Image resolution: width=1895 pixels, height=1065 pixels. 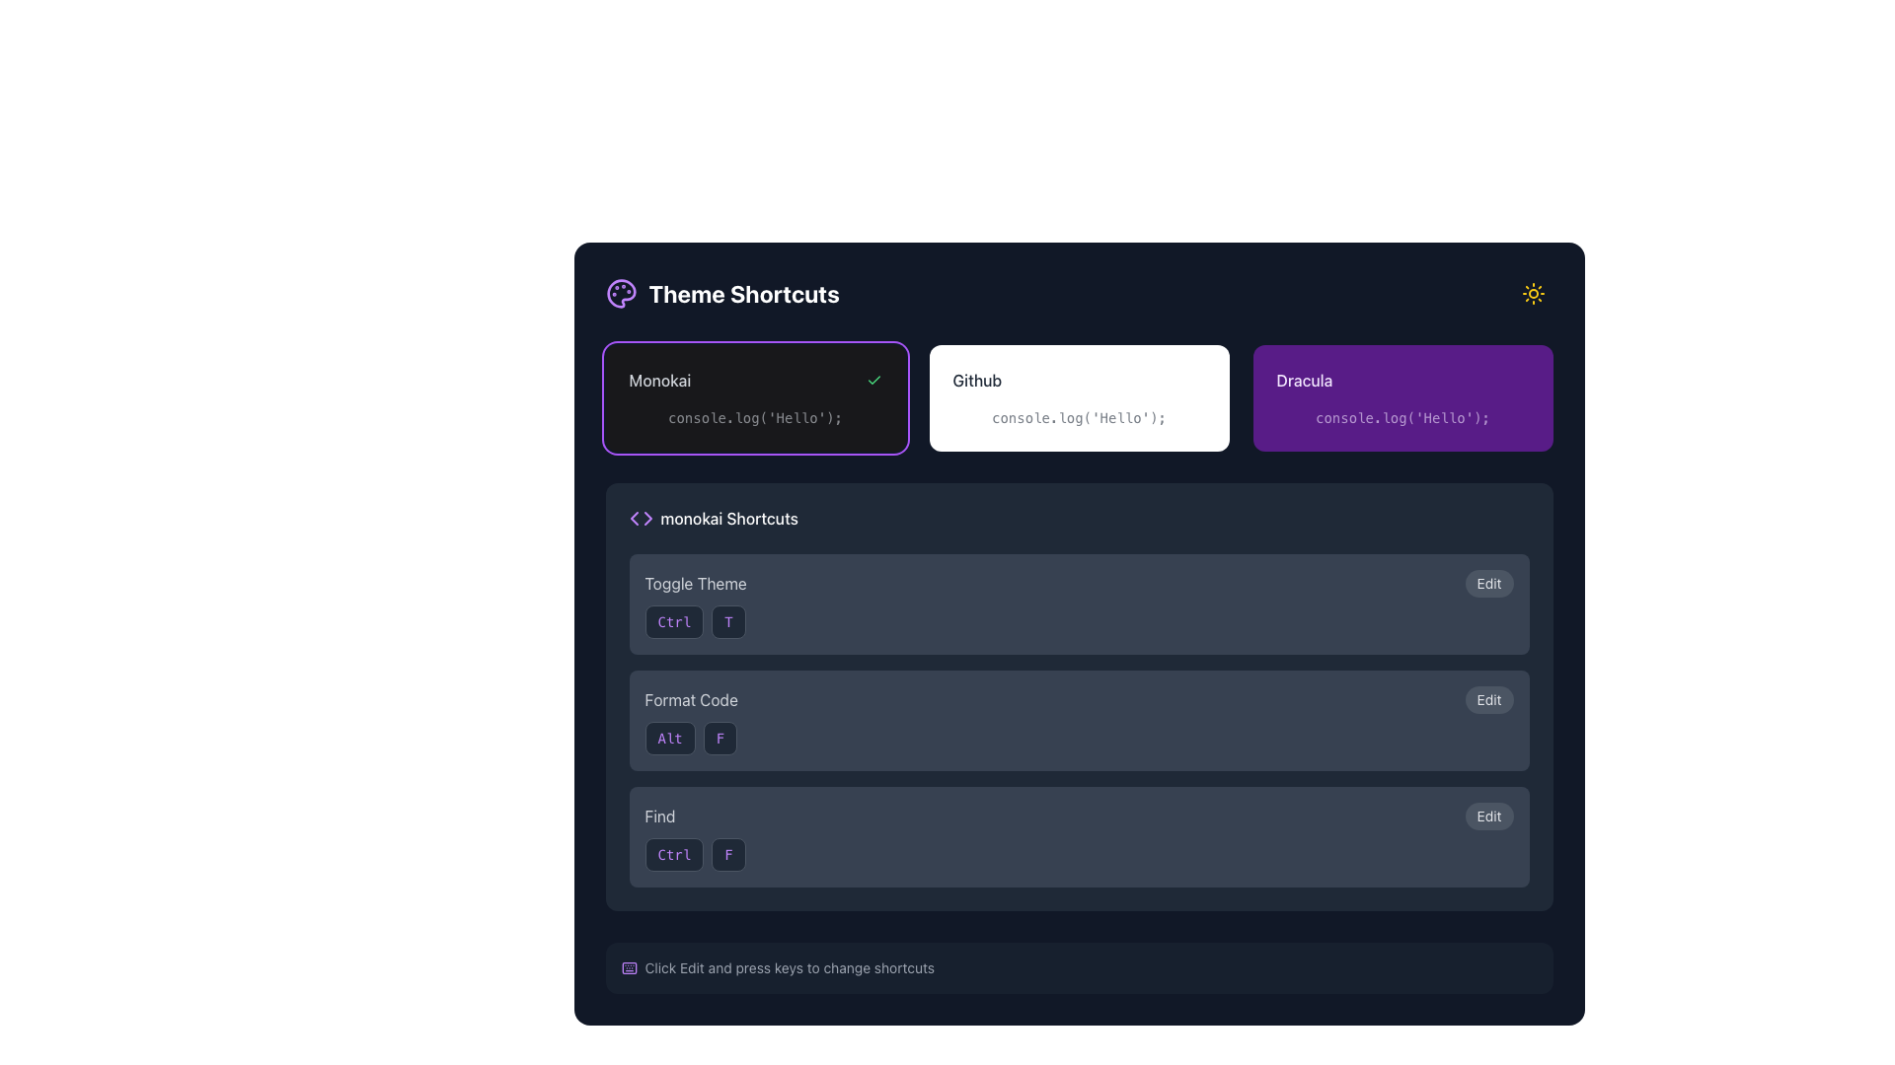 What do you see at coordinates (674, 622) in the screenshot?
I see `the 'Ctrl' key representation in the 'Toggle Theme' section of the 'monokai Shortcuts' panel` at bounding box center [674, 622].